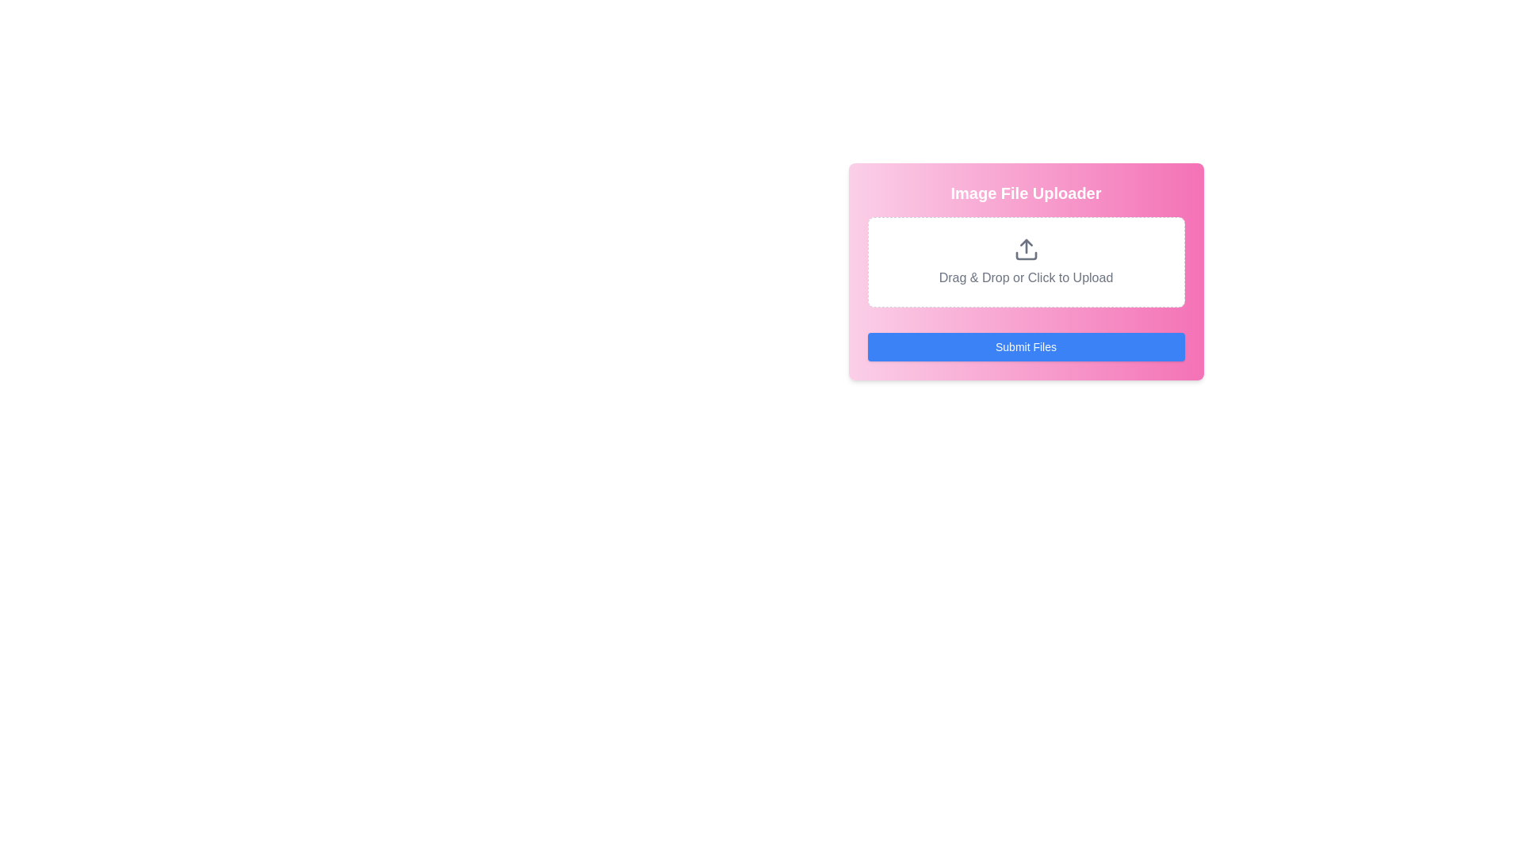  Describe the element at coordinates (1026, 192) in the screenshot. I see `the Static Text element that serves as a title for the Image File Uploader section, located at the top of the card-like component with a pink gradient background` at that location.